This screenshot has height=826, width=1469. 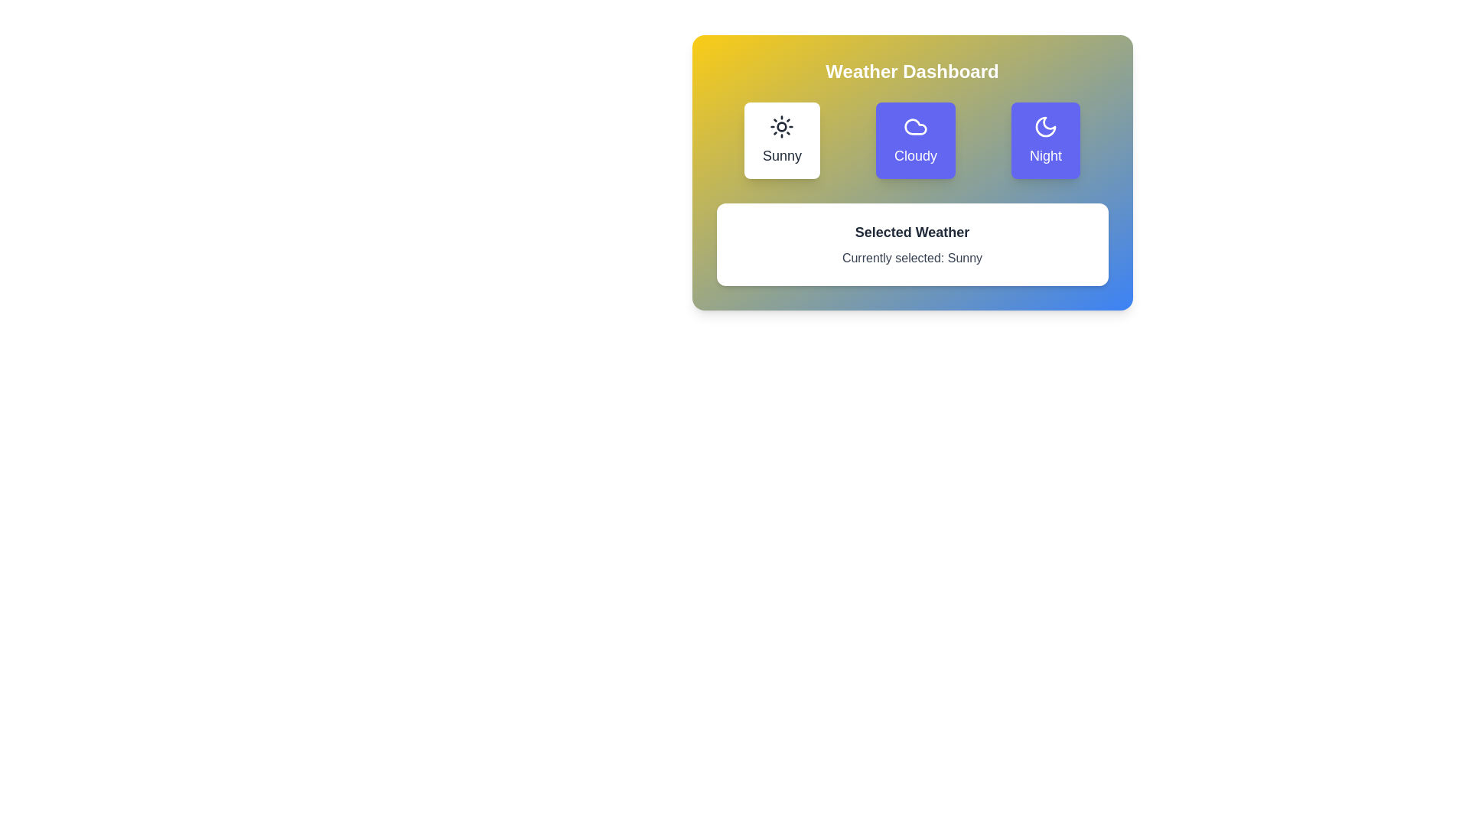 I want to click on the weather condition indicated by the 'Cloudy' text label, which is centrally located within the weather selection interface, so click(x=915, y=156).